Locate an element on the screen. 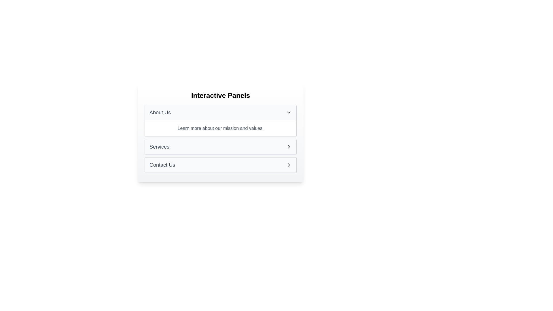  the chevron icon located to the far-right of the 'About Us' menu header is located at coordinates (289, 112).